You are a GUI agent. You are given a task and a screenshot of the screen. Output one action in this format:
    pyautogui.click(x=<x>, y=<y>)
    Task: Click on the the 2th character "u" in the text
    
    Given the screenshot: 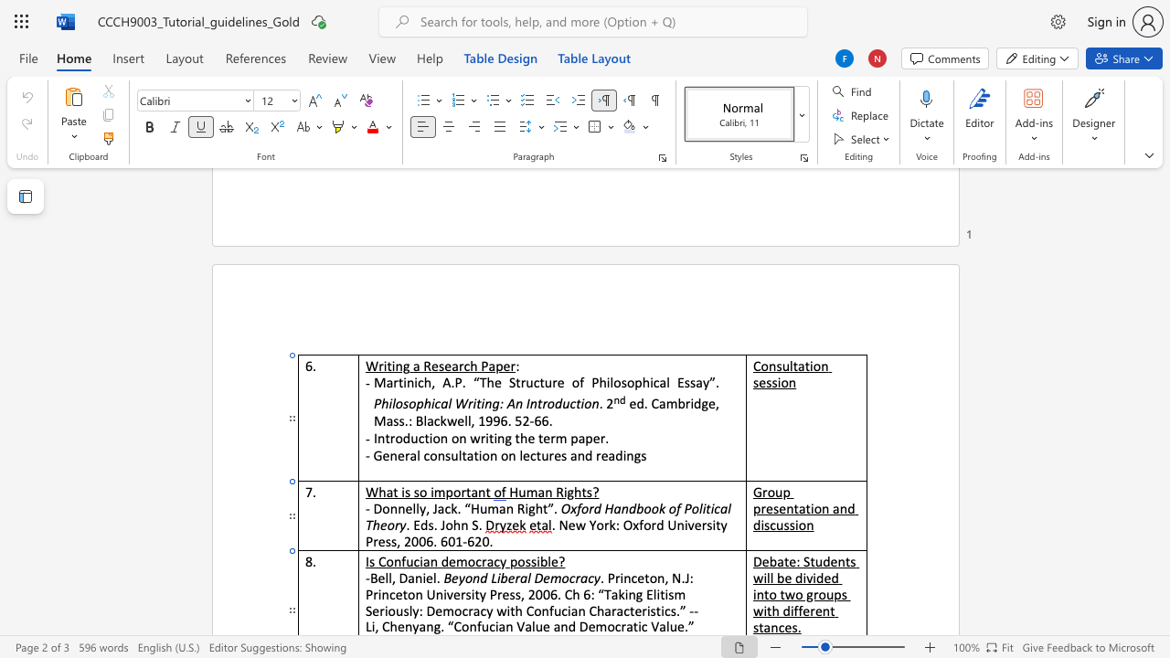 What is the action you would take?
    pyautogui.click(x=557, y=610)
    